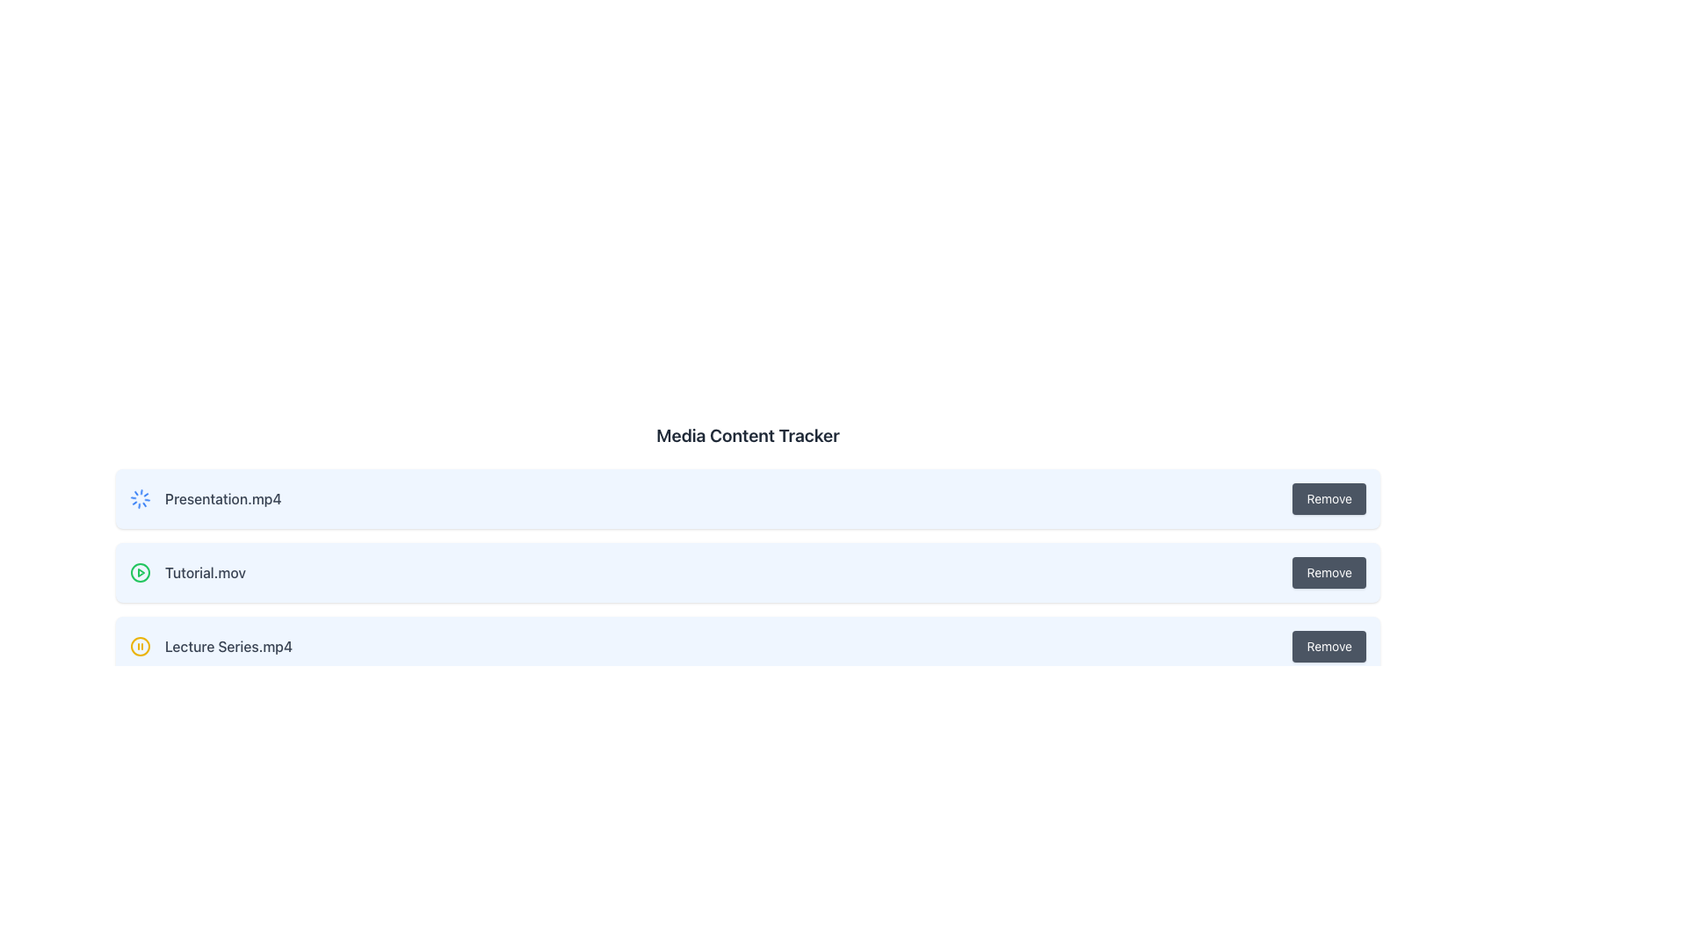 The width and height of the screenshot is (1687, 949). Describe the element at coordinates (1329, 647) in the screenshot. I see `the remove button located on the rightmost side of the row titled 'Lecture Series.mp4' to initiate the remove action` at that location.